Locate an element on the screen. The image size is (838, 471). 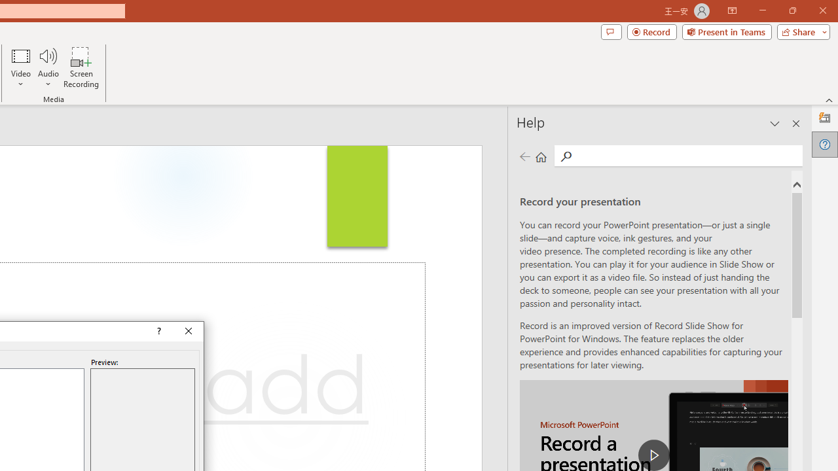
'Context help' is located at coordinates (157, 330).